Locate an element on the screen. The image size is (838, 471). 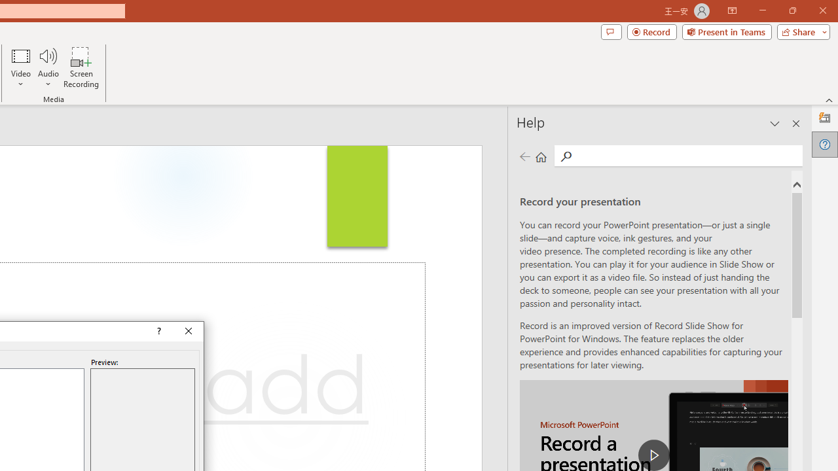
'Context help' is located at coordinates (157, 330).